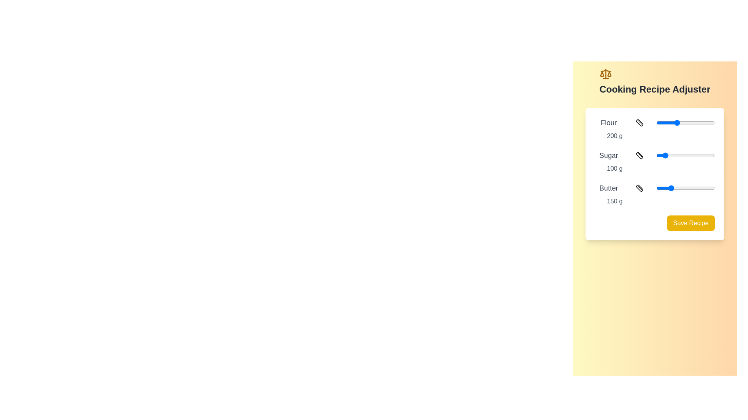 The width and height of the screenshot is (748, 420). I want to click on the slider for 'Flour' and observe its value, so click(684, 122).